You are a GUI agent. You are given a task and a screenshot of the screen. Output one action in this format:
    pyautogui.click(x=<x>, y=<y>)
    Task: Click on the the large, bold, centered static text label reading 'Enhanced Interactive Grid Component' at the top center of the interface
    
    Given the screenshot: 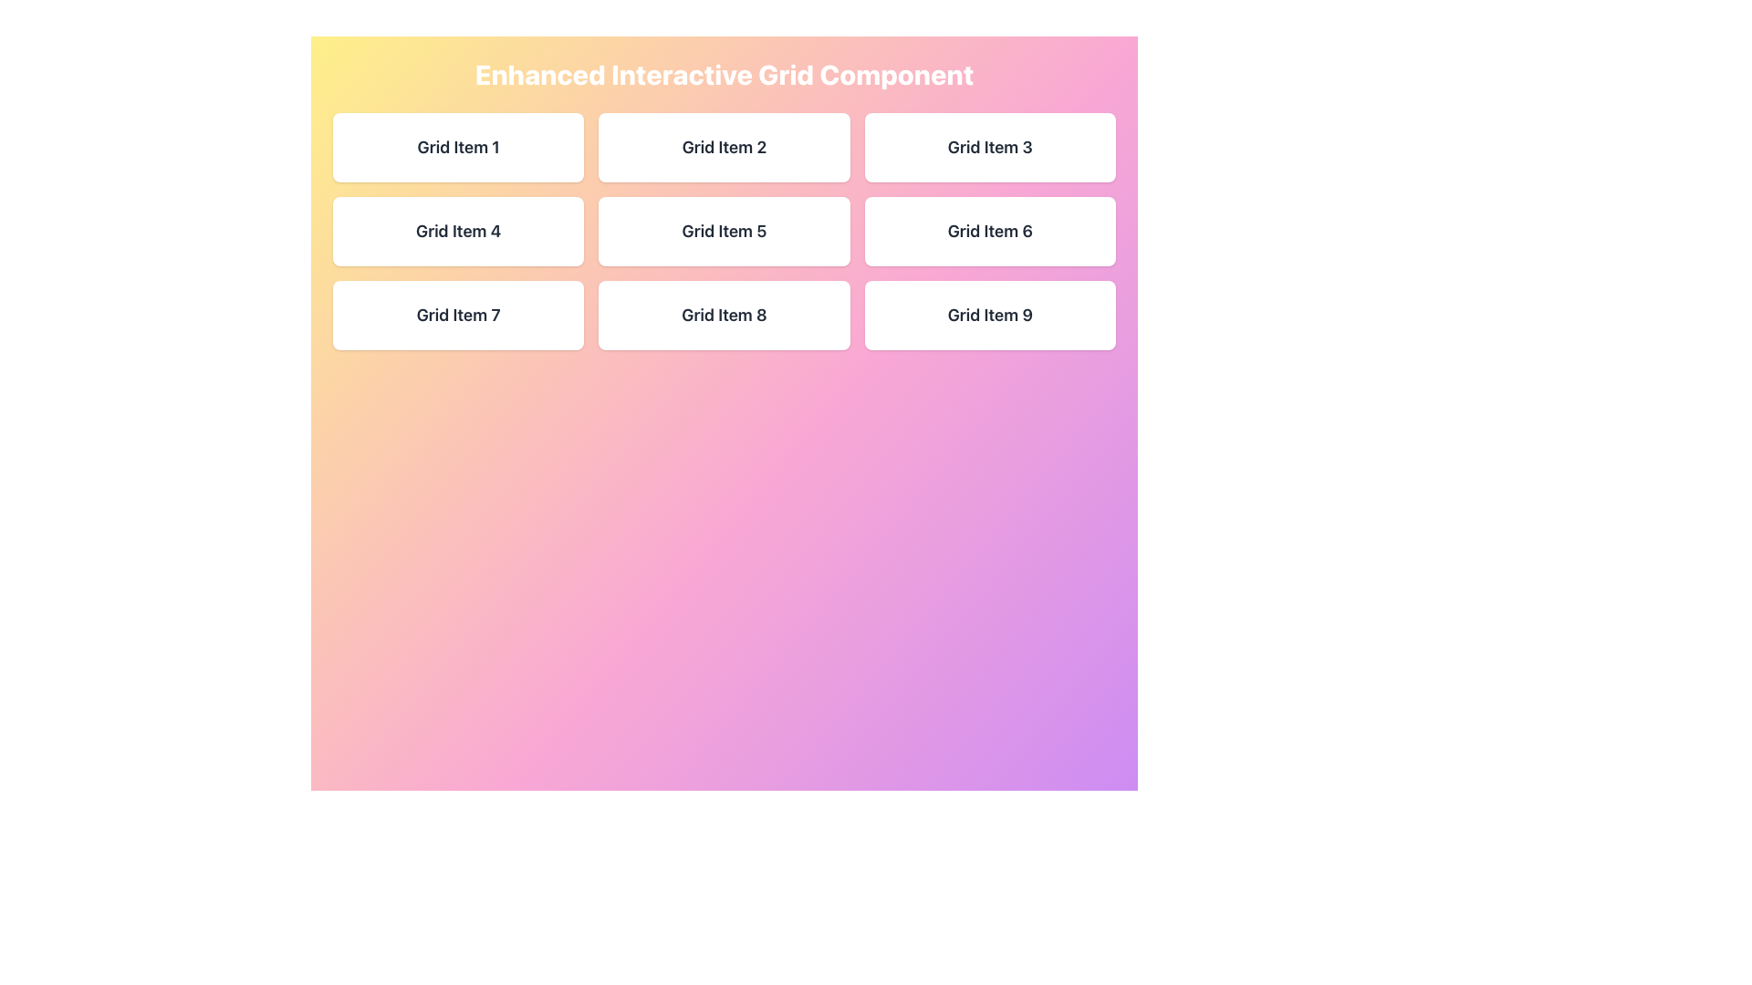 What is the action you would take?
    pyautogui.click(x=723, y=73)
    